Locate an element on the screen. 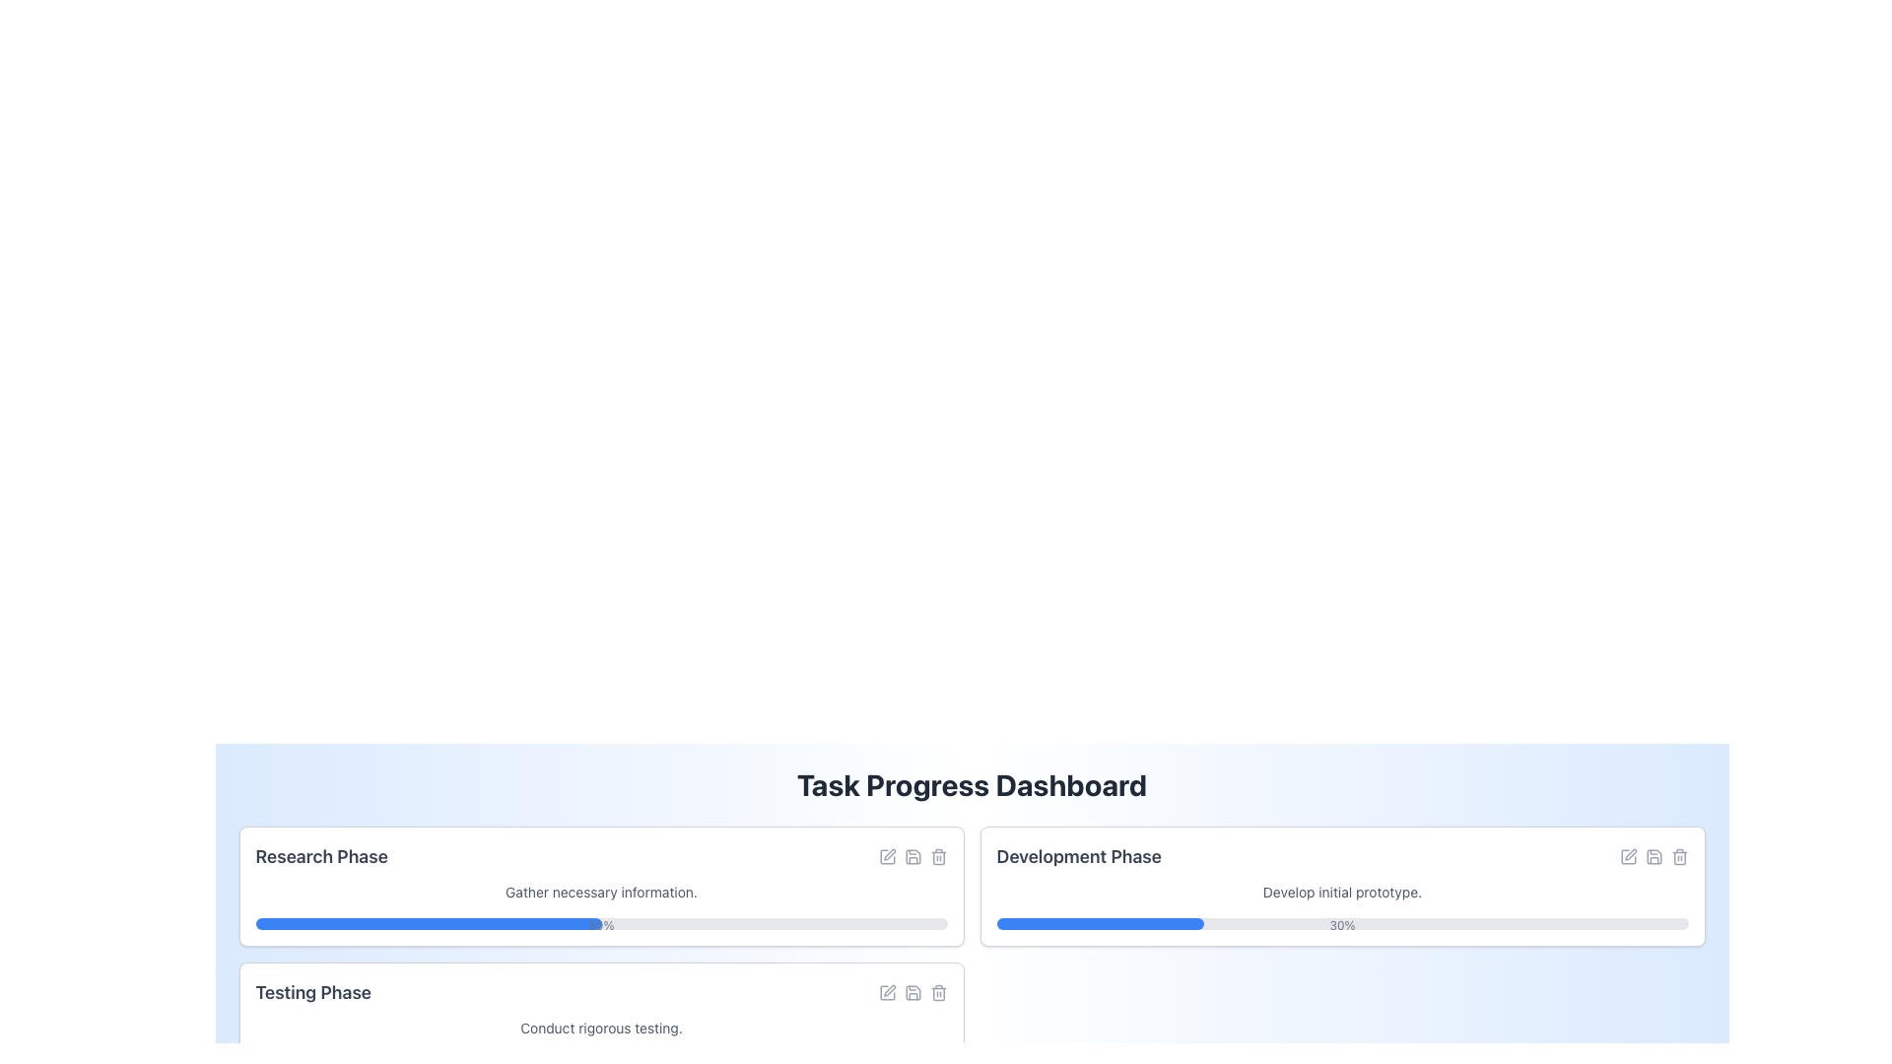  the Text Label displaying 'Testing Phase' styled in large bold gray font, positioned in the second row, first column of the layout is located at coordinates (312, 992).